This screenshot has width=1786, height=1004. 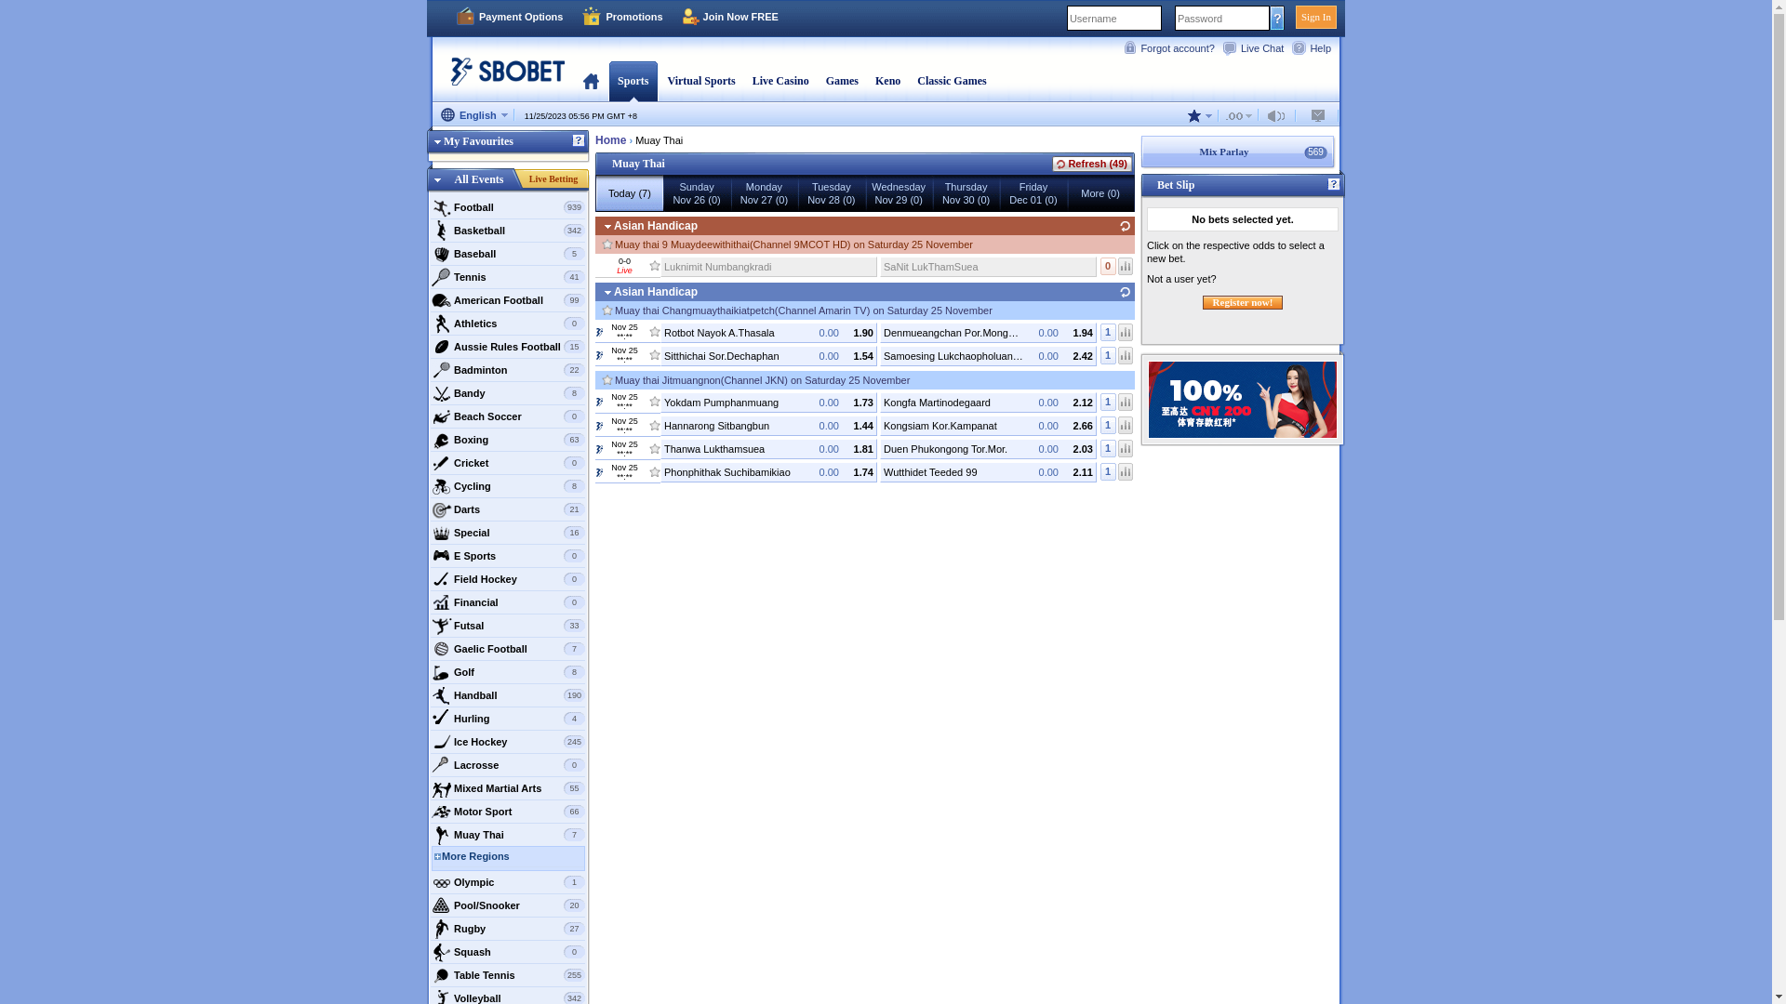 What do you see at coordinates (987, 355) in the screenshot?
I see `'2.42` at bounding box center [987, 355].